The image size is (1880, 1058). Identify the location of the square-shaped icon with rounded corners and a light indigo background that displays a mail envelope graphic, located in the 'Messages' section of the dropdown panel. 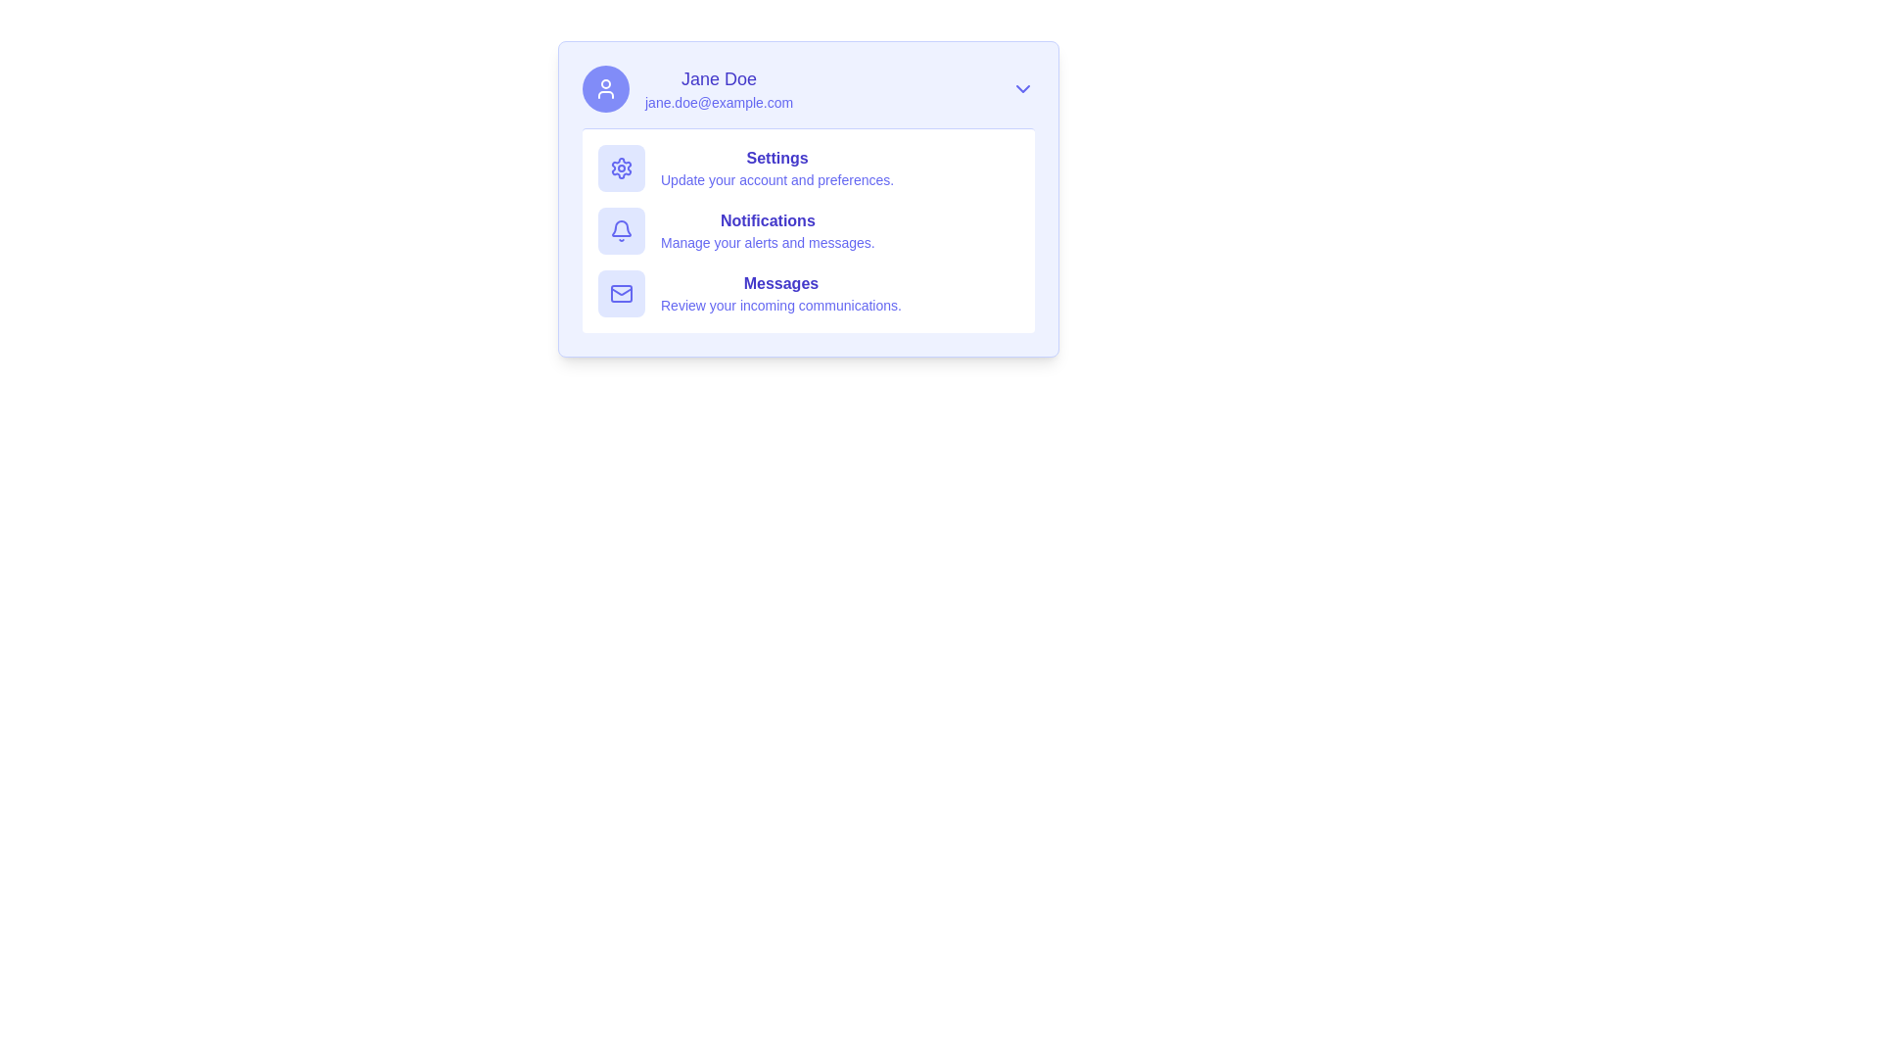
(620, 294).